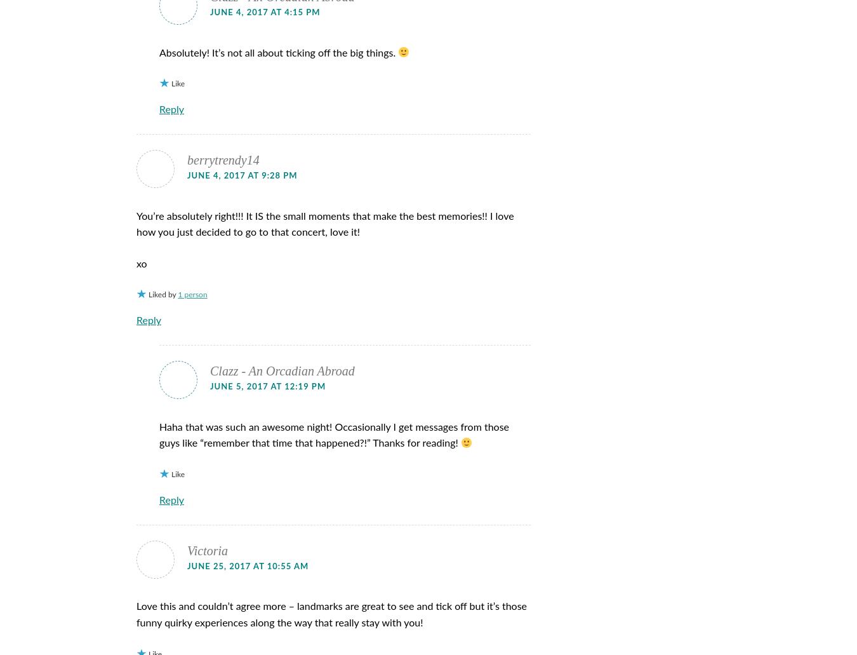  What do you see at coordinates (142, 263) in the screenshot?
I see `'xo'` at bounding box center [142, 263].